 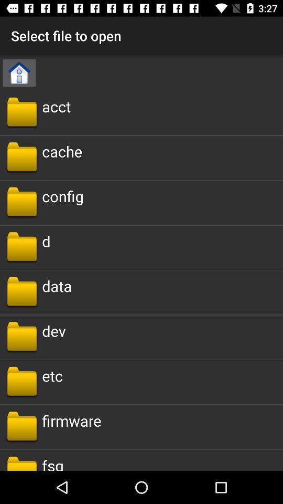 What do you see at coordinates (19, 72) in the screenshot?
I see `the home icon` at bounding box center [19, 72].